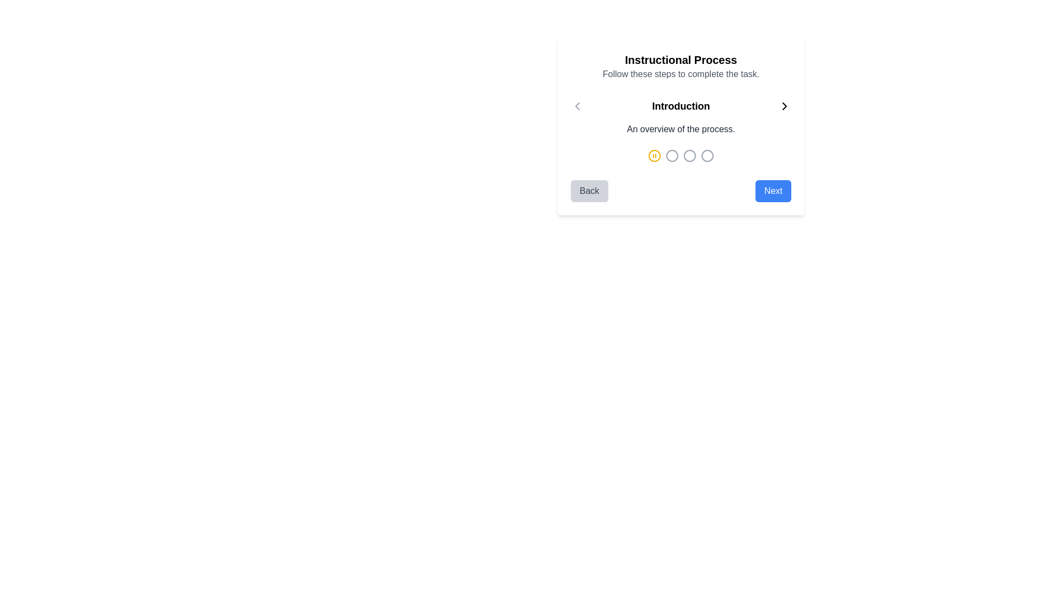  What do you see at coordinates (707, 155) in the screenshot?
I see `the fourth circle in the Step Progress Indicator` at bounding box center [707, 155].